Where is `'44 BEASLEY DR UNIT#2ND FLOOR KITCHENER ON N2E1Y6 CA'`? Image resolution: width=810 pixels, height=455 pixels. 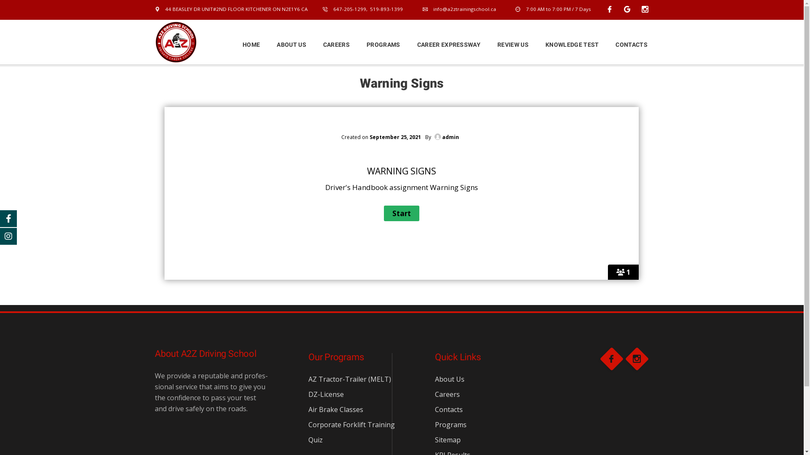
'44 BEASLEY DR UNIT#2ND FLOOR KITCHENER ON N2E1Y6 CA' is located at coordinates (231, 9).